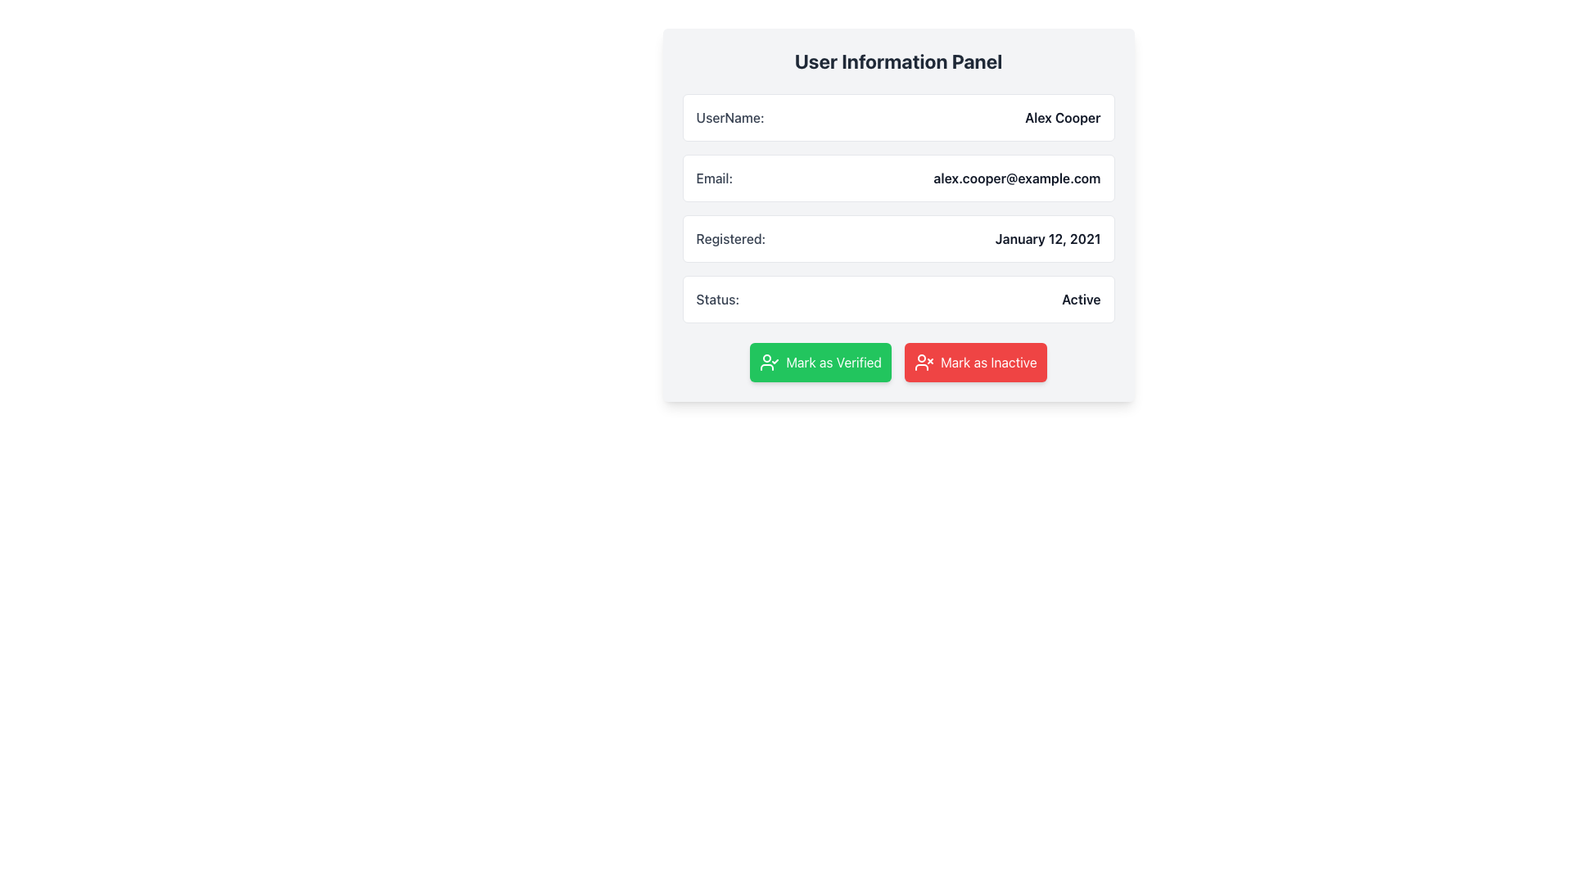  I want to click on the 'Mark Inactive' button located under the 'Status' field in the User Information Panel, so click(975, 362).